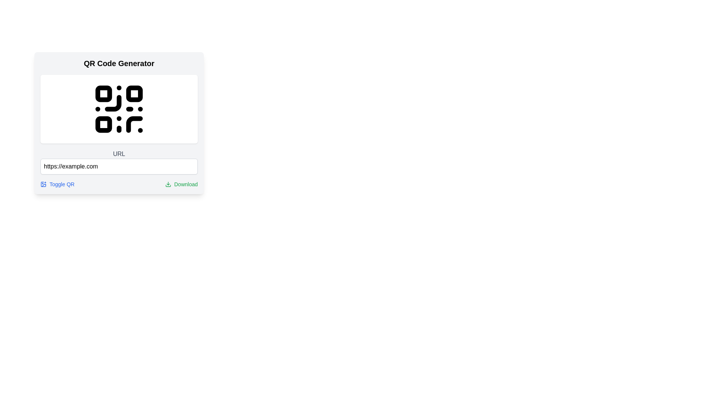  I want to click on the text label indicating the download feature located at the bottom-right corner of the interface, so click(186, 184).